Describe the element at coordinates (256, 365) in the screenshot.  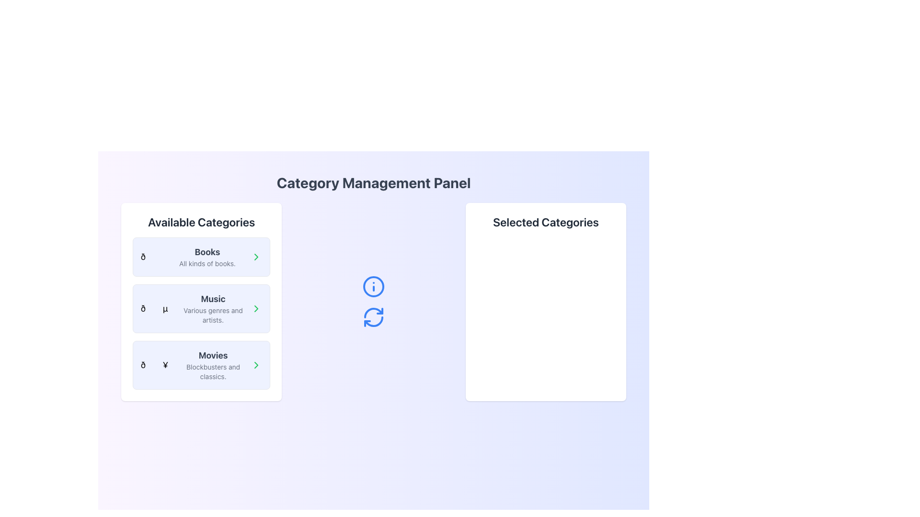
I see `the rightmost button within the 'Movies' category section` at that location.